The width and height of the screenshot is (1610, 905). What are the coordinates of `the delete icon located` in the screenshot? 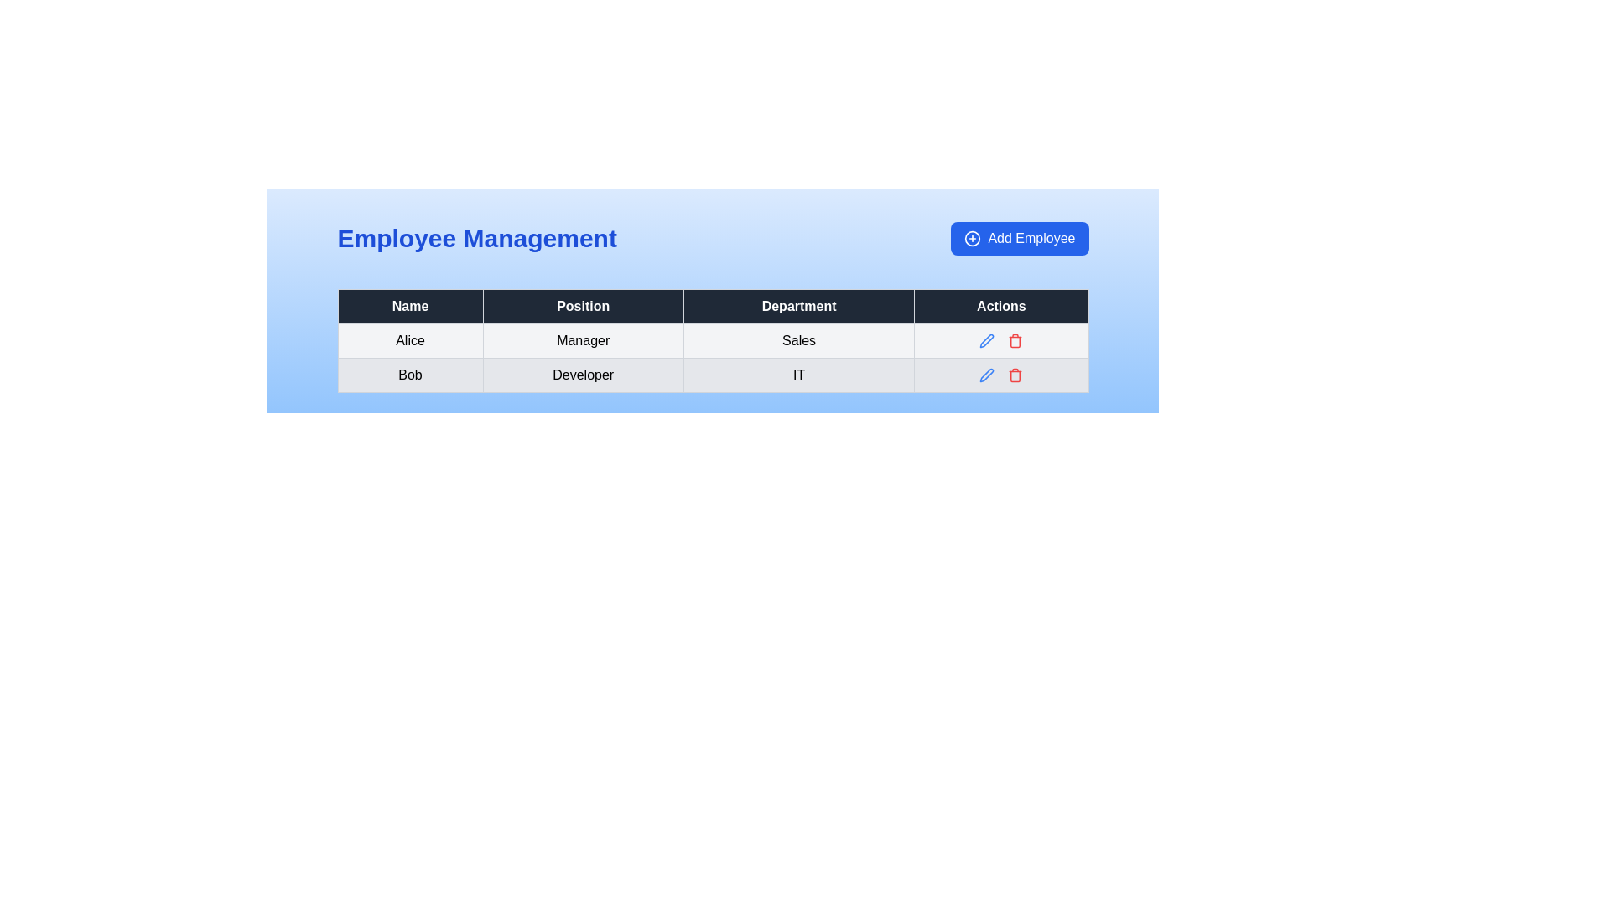 It's located at (1014, 374).